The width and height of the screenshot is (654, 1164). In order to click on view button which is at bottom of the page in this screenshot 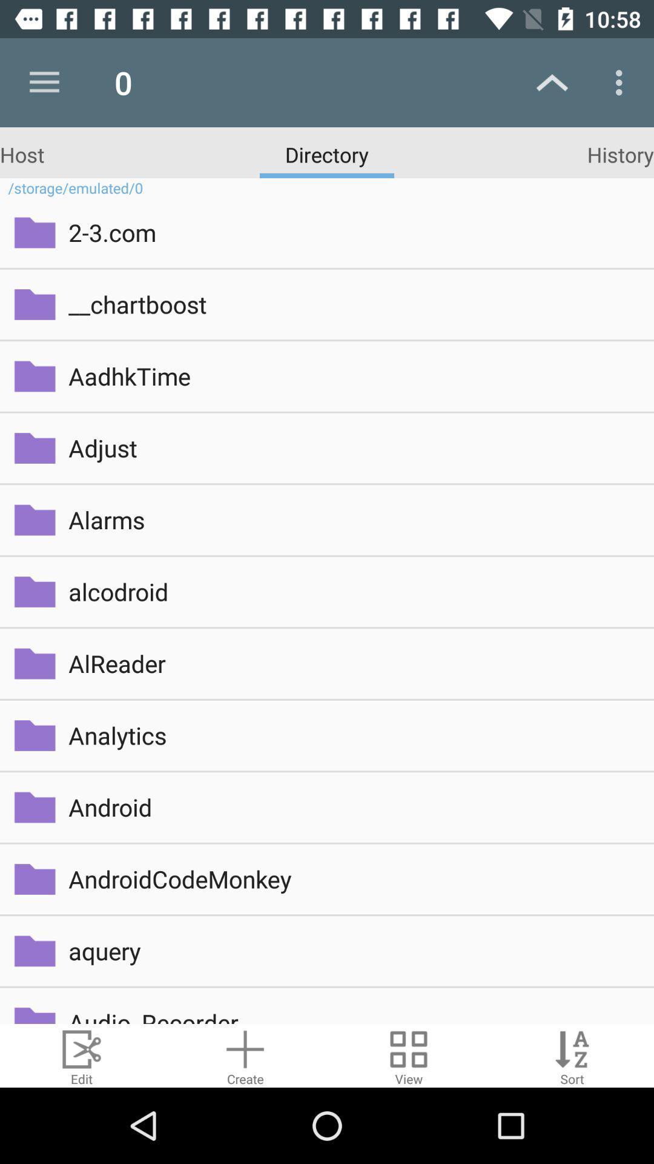, I will do `click(409, 1055)`.